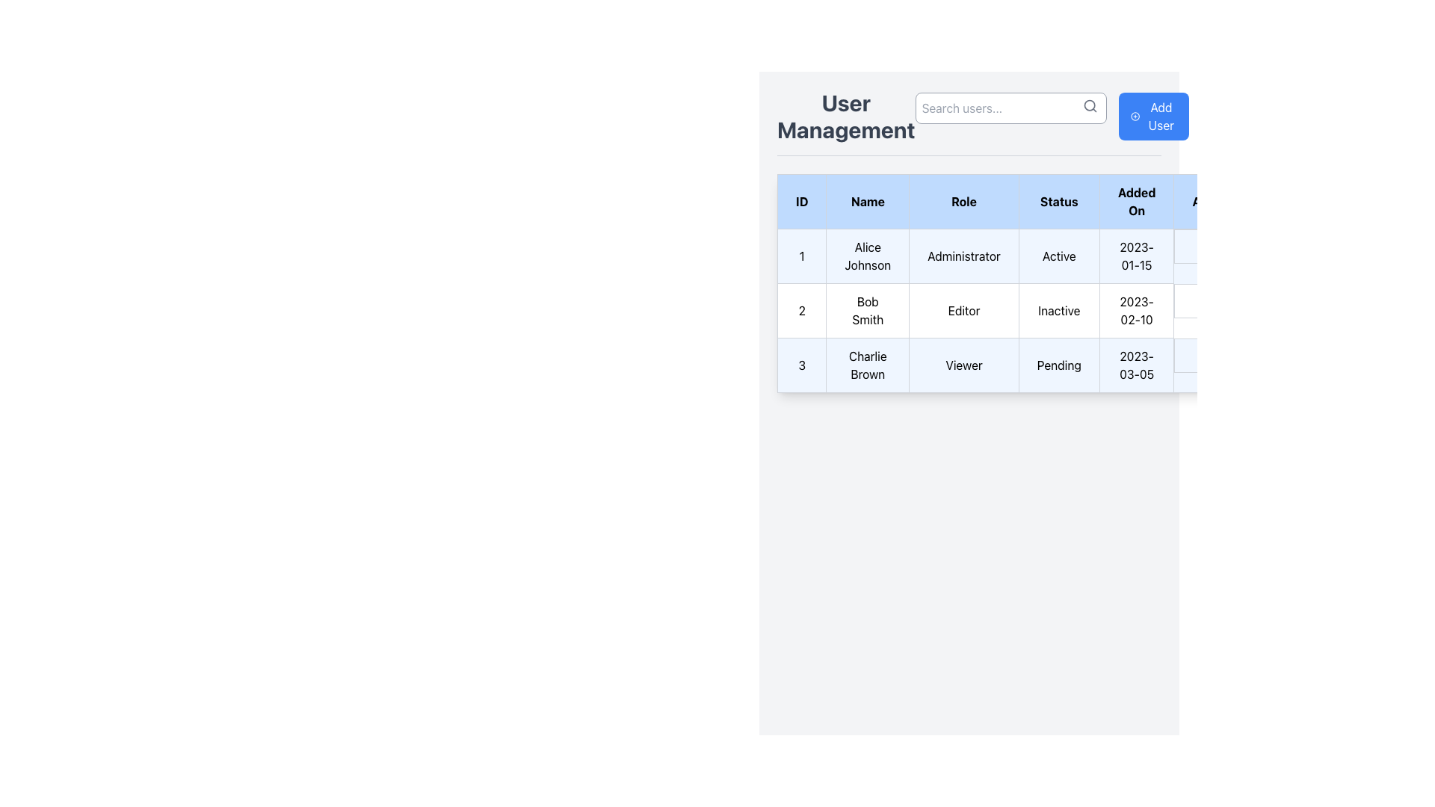  Describe the element at coordinates (1136, 365) in the screenshot. I see `the fifth cell in the row for 'Charlie Brown' in the 'User Management' table, which displays the date '2023-03-05'` at that location.